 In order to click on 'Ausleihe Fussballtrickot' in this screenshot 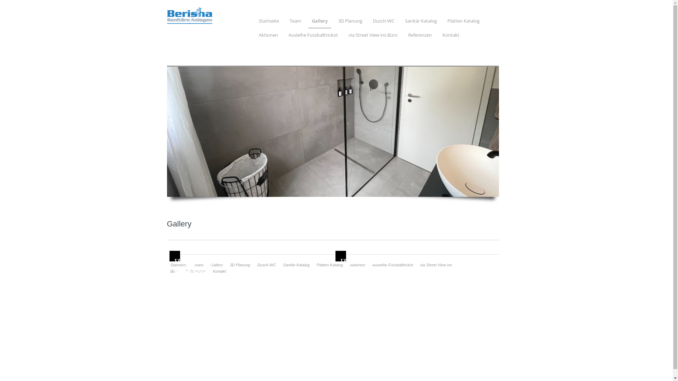, I will do `click(313, 37)`.